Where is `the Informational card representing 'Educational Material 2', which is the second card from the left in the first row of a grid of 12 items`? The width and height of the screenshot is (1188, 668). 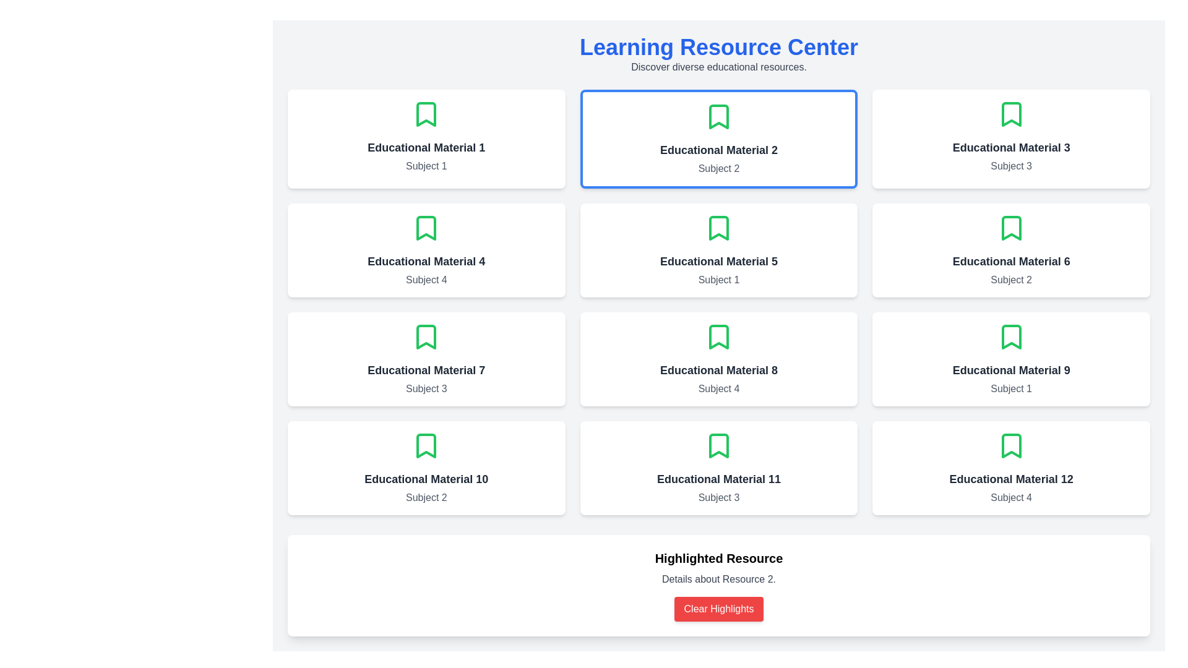
the Informational card representing 'Educational Material 2', which is the second card from the left in the first row of a grid of 12 items is located at coordinates (718, 139).